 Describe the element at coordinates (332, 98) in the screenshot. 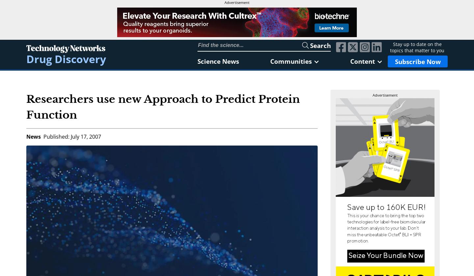

I see `'Industry Insights'` at that location.